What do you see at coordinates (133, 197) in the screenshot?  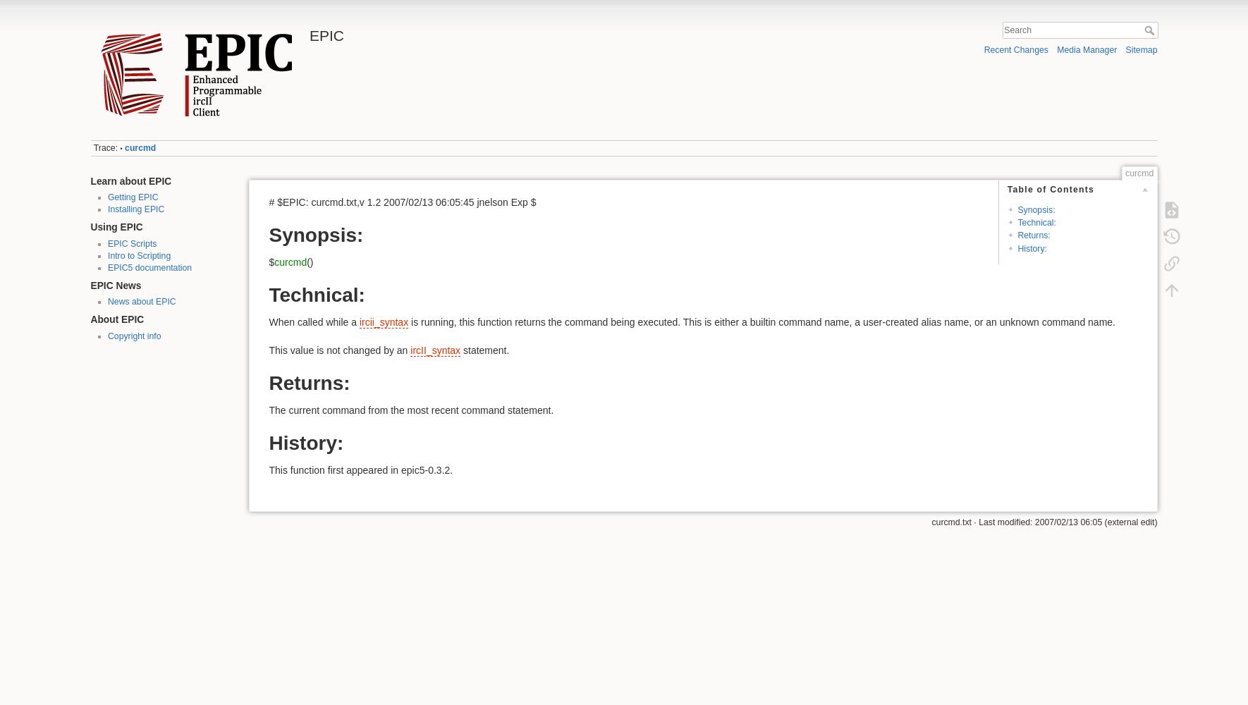 I see `'Getting EPIC'` at bounding box center [133, 197].